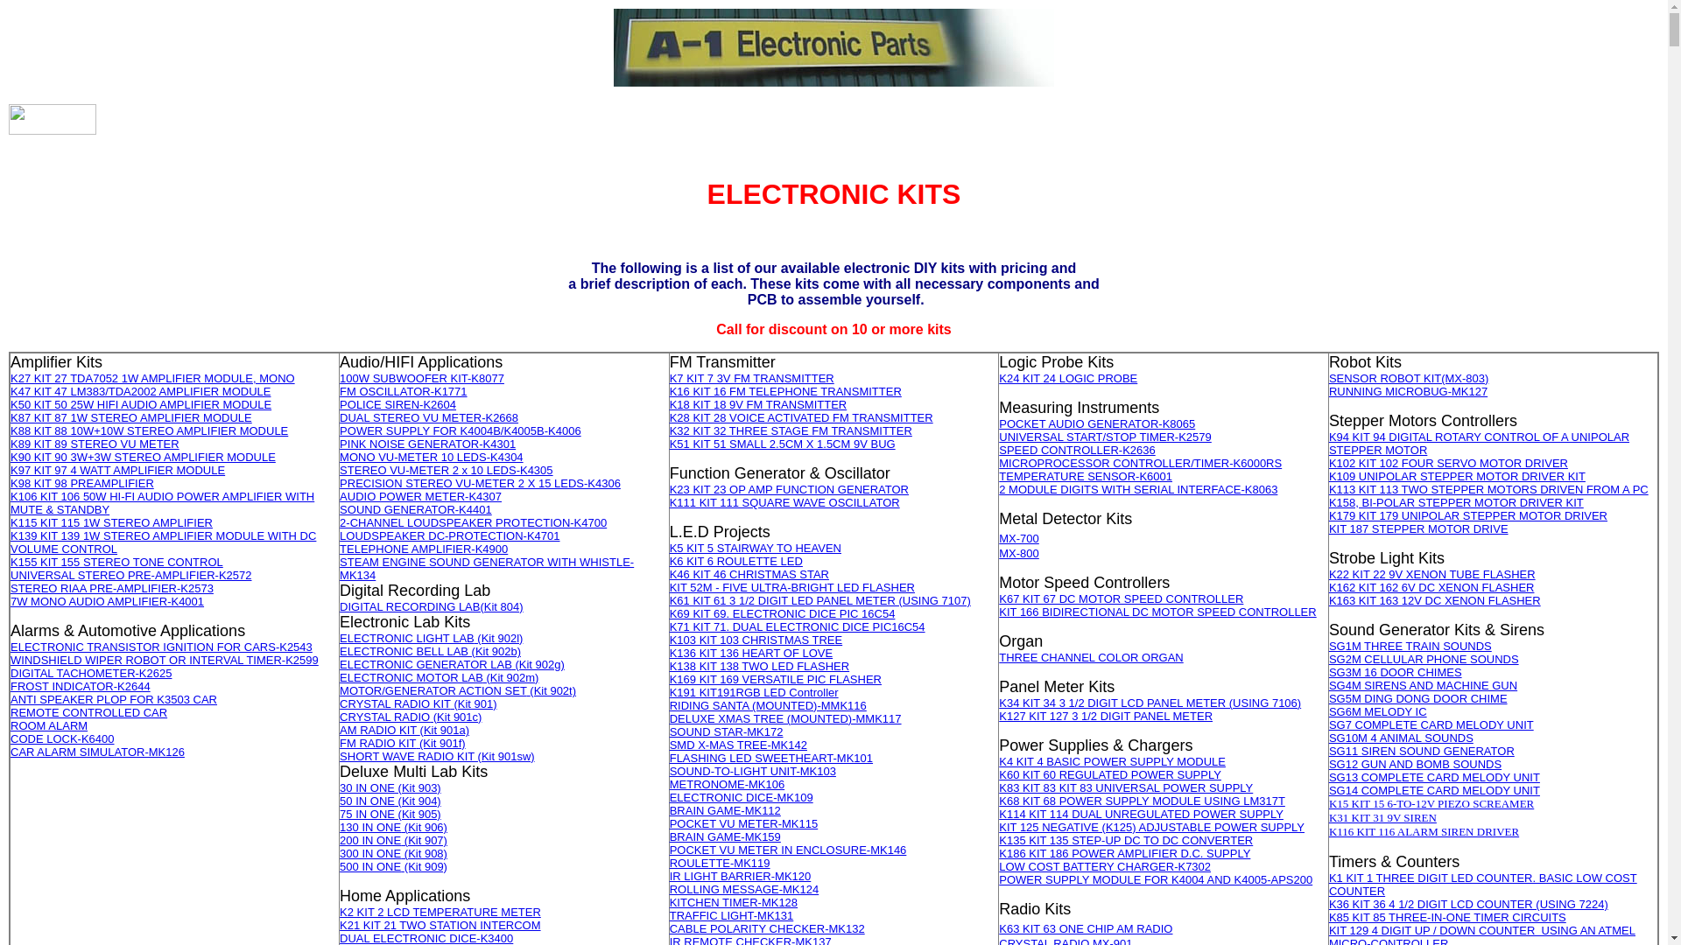 The image size is (1681, 945). Describe the element at coordinates (668, 626) in the screenshot. I see `'K71 KIT 71. DUAL ELECTRONIC DICE PIC16C54'` at that location.